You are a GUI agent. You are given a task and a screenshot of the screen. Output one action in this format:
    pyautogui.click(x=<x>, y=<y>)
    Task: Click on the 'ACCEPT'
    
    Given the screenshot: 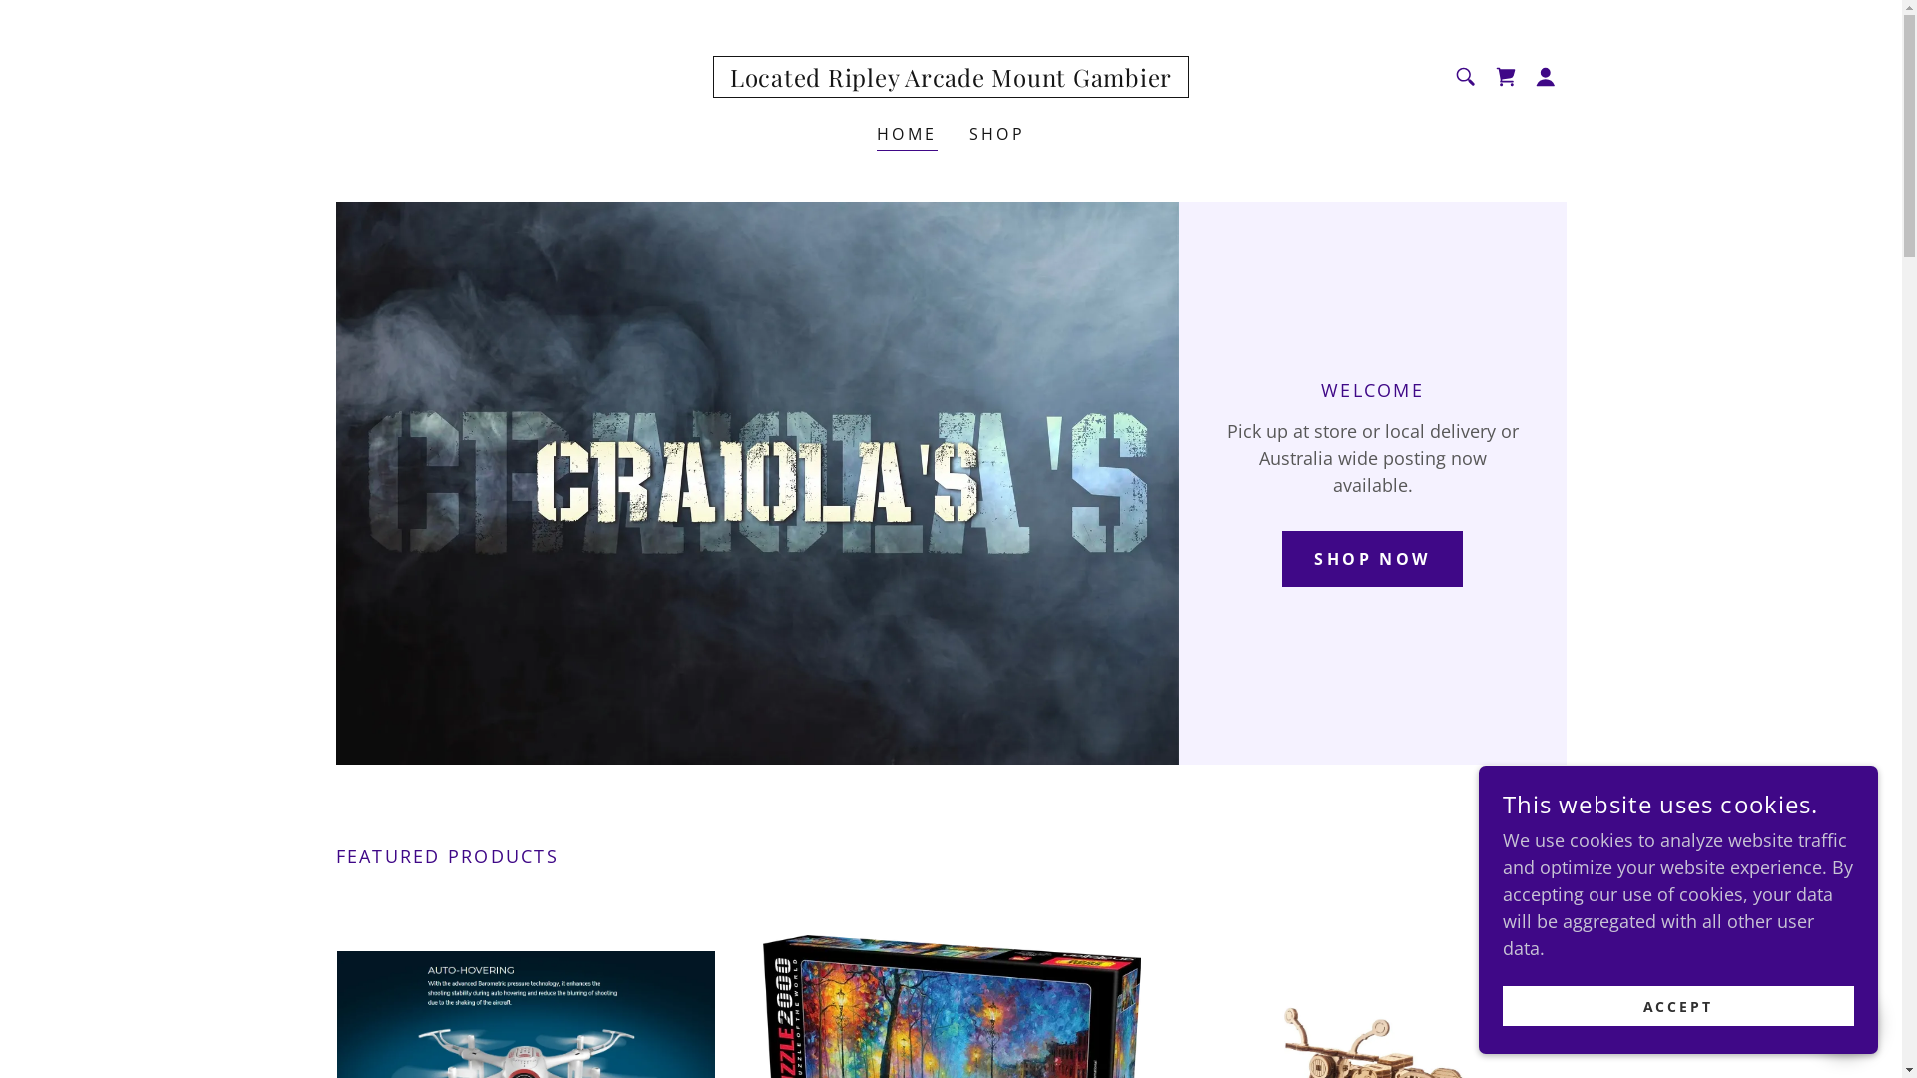 What is the action you would take?
    pyautogui.click(x=1677, y=1005)
    